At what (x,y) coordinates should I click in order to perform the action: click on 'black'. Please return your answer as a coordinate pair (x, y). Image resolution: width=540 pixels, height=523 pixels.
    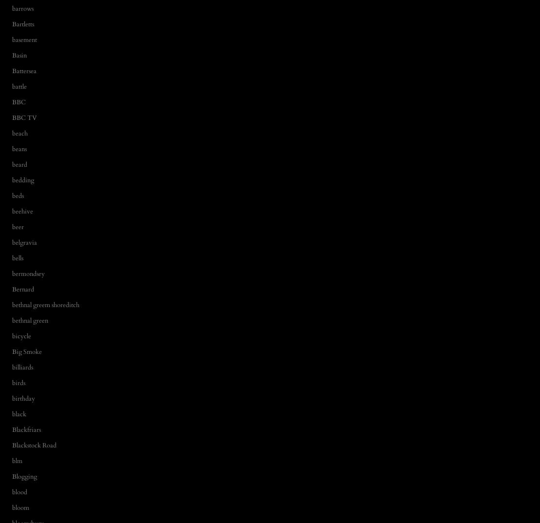
    Looking at the image, I should click on (19, 413).